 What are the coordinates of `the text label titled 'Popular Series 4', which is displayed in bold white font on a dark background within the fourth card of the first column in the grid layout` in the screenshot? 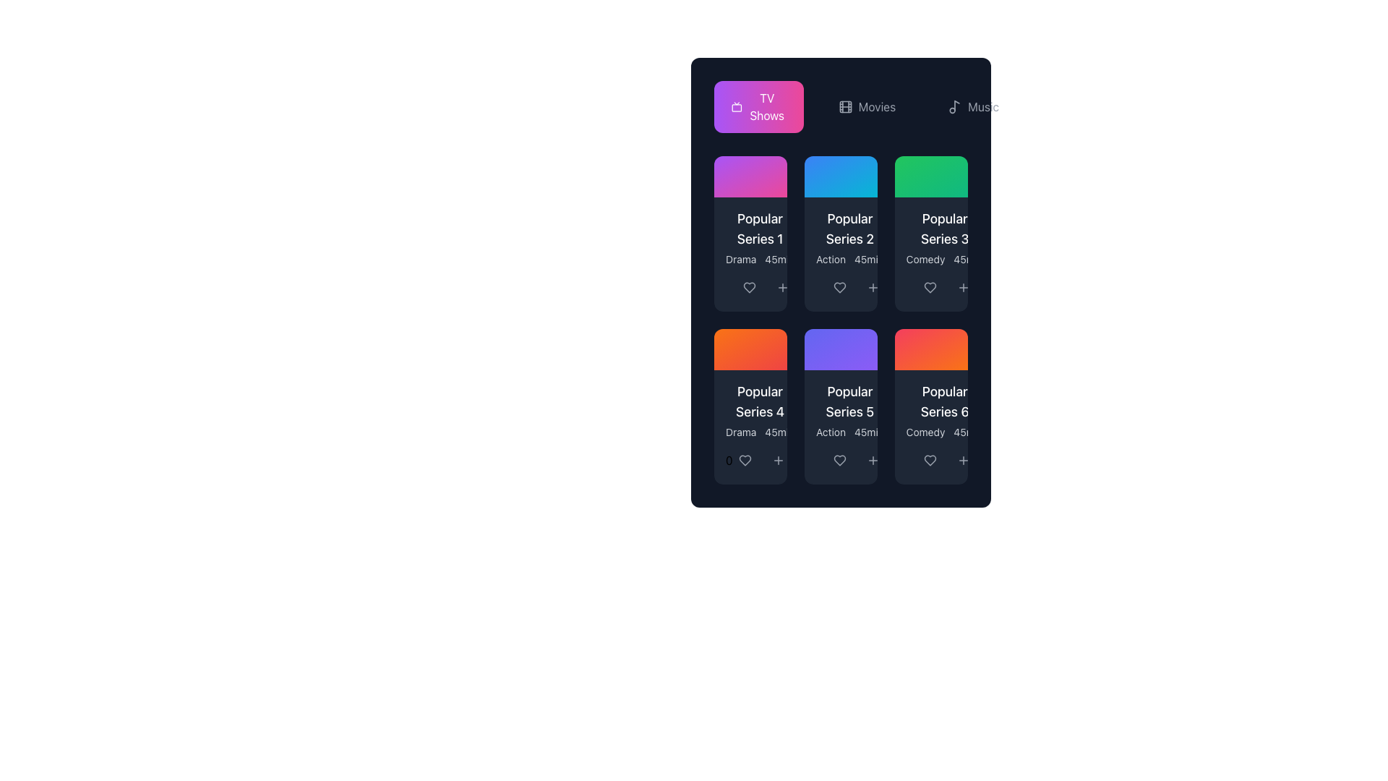 It's located at (759, 401).